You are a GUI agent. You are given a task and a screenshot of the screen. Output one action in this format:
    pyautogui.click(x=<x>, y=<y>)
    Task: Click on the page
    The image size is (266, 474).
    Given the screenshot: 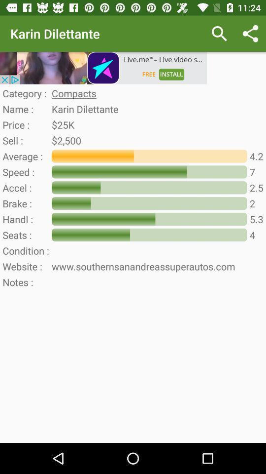 What is the action you would take?
    pyautogui.click(x=103, y=67)
    